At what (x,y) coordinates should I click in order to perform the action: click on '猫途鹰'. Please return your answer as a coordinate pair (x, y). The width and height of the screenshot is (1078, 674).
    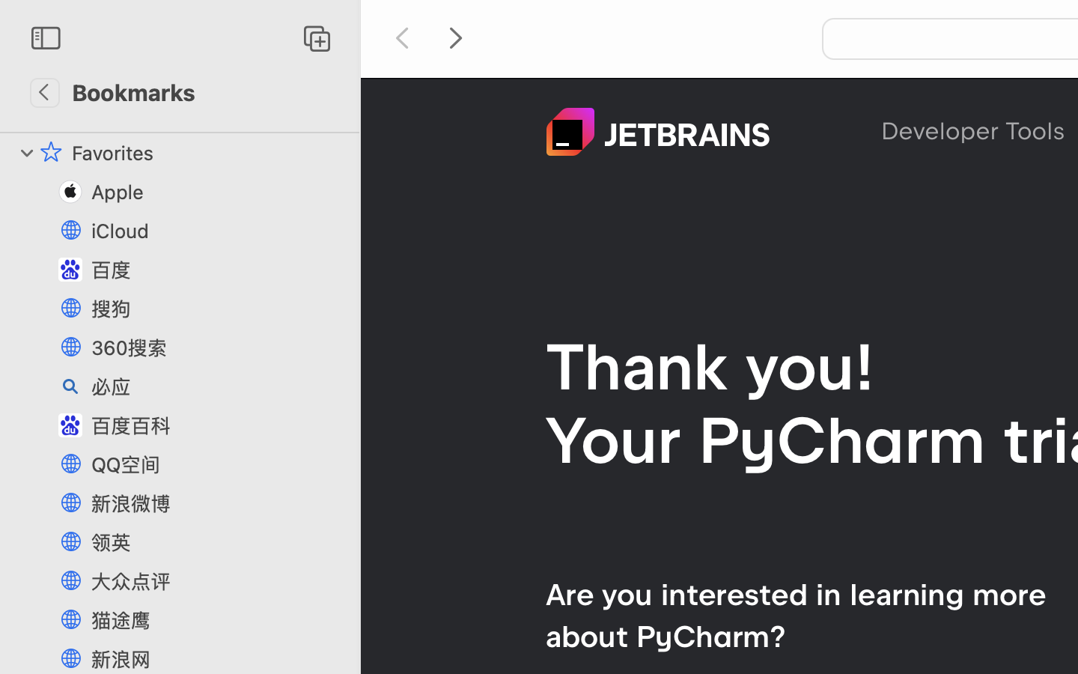
    Looking at the image, I should click on (217, 620).